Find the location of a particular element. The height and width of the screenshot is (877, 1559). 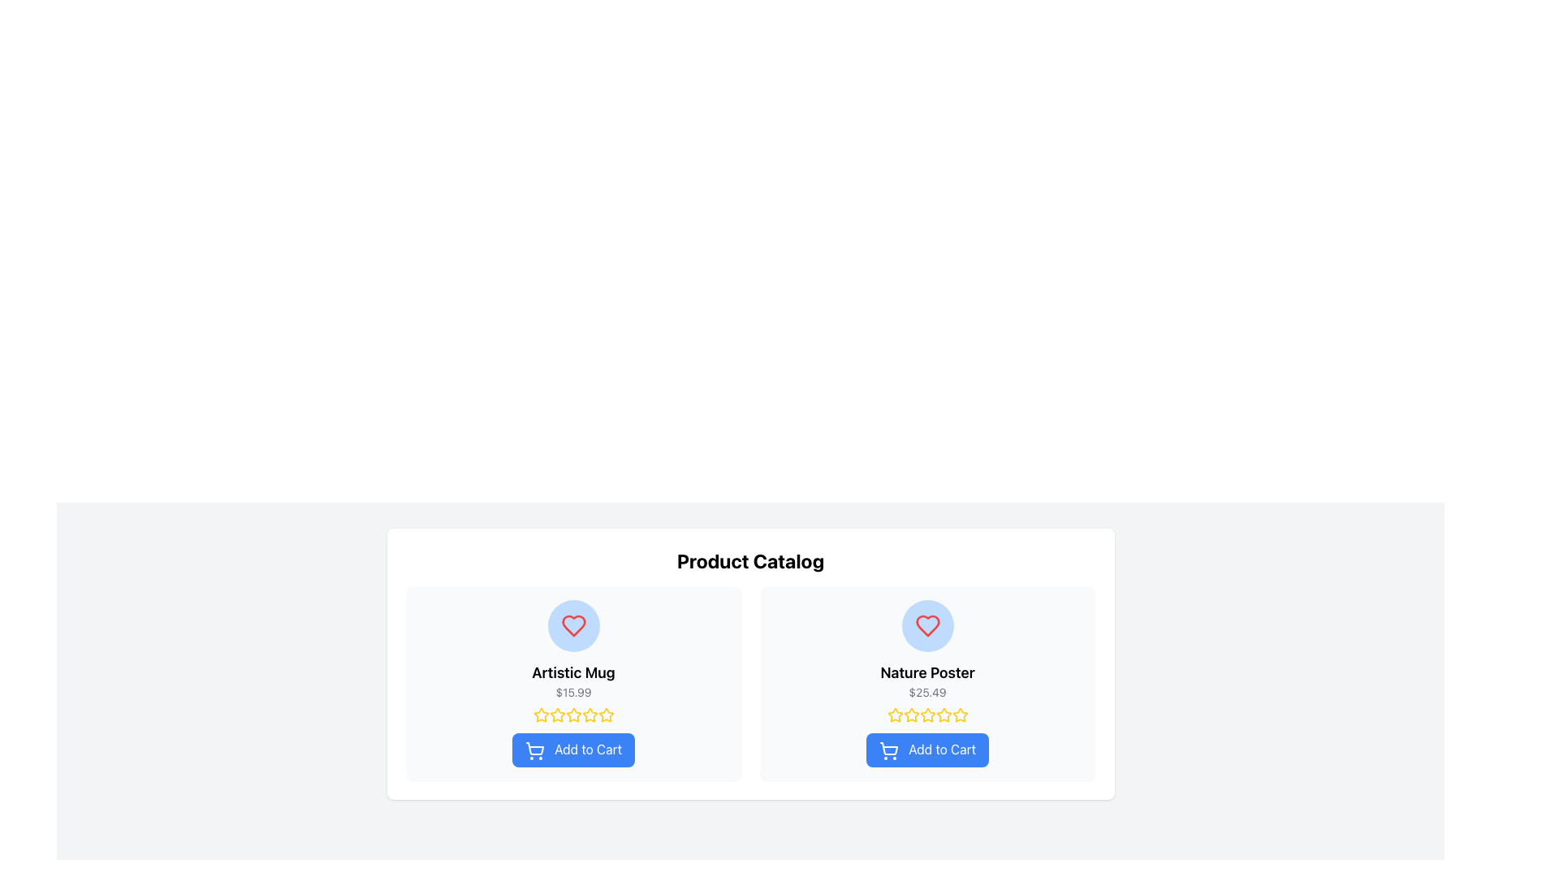

the second golden star icon in the rating system below the 'Nature Poster' is located at coordinates (911, 714).